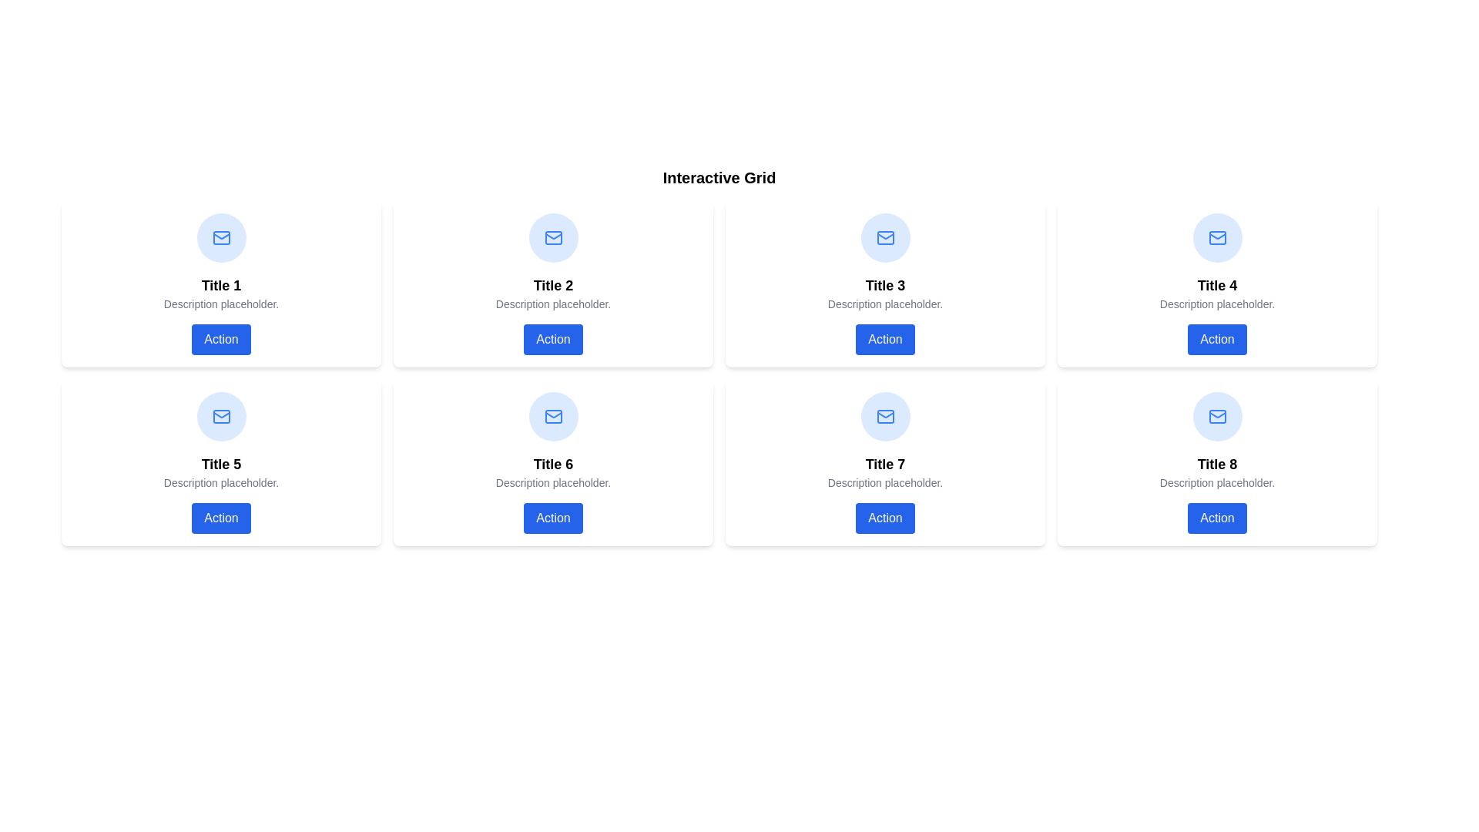  What do you see at coordinates (1216, 338) in the screenshot?
I see `the interactive 'Action' button with a blue background and white text to trigger the visual effects that indicate interactivity` at bounding box center [1216, 338].